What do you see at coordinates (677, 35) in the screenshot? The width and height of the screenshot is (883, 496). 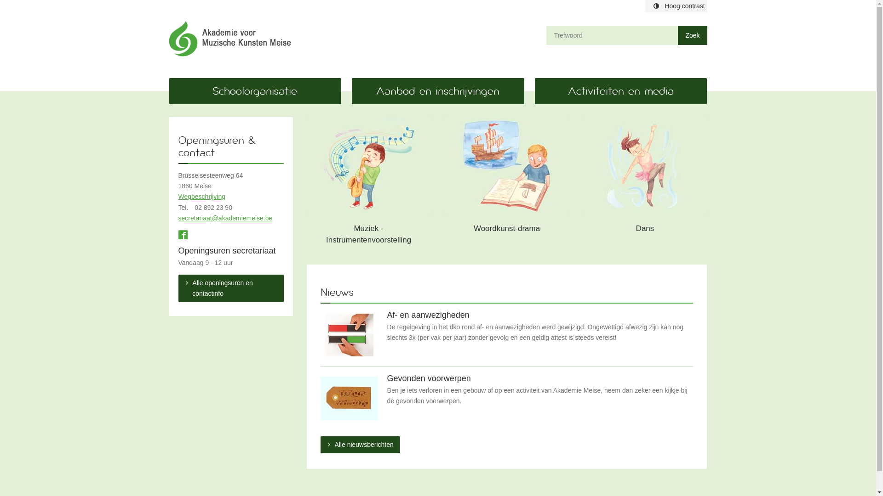 I see `'Zoeken'` at bounding box center [677, 35].